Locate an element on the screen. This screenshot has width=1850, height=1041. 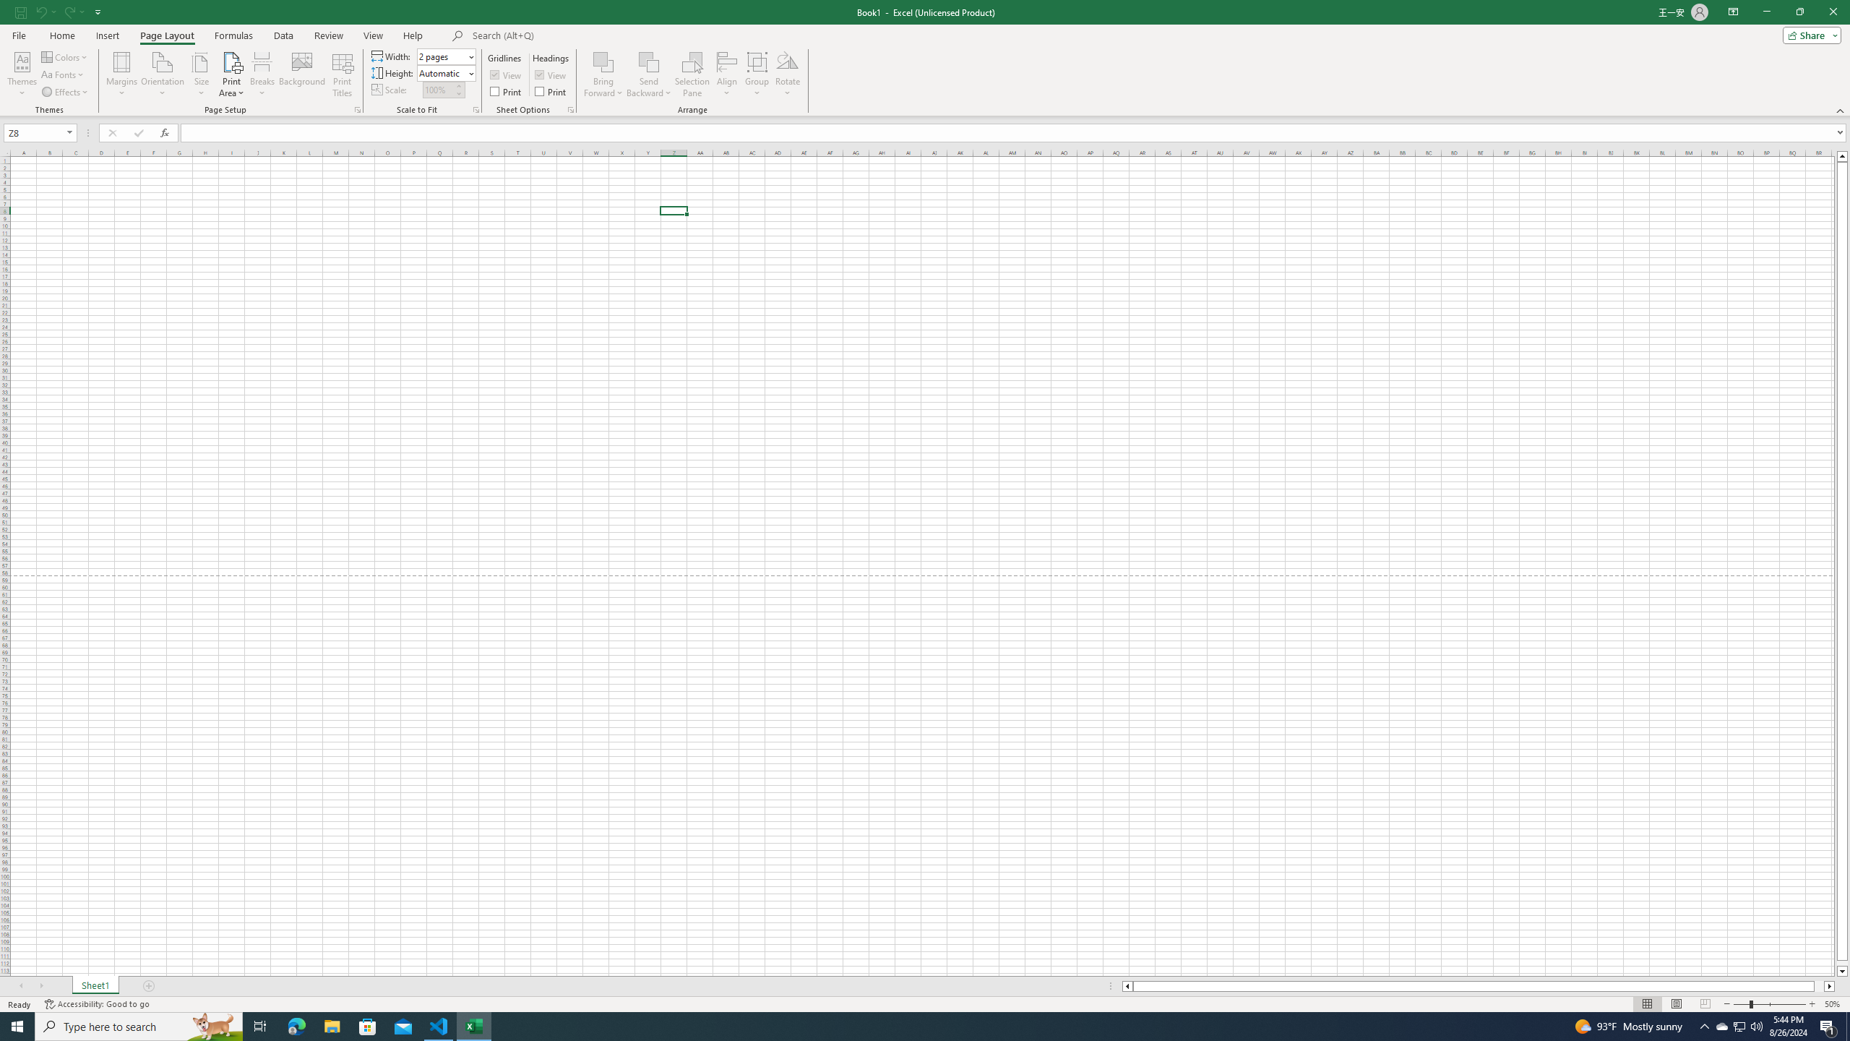
'Fonts' is located at coordinates (63, 74).